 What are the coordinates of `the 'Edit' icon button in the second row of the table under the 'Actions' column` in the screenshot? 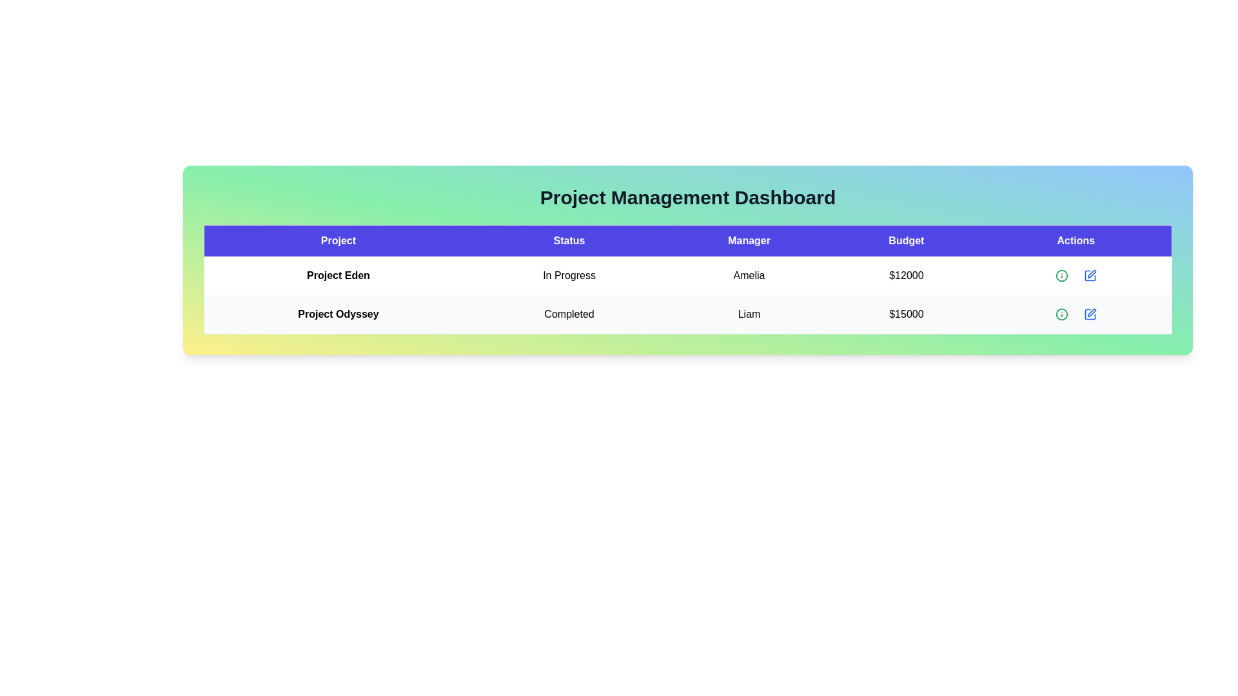 It's located at (1089, 314).